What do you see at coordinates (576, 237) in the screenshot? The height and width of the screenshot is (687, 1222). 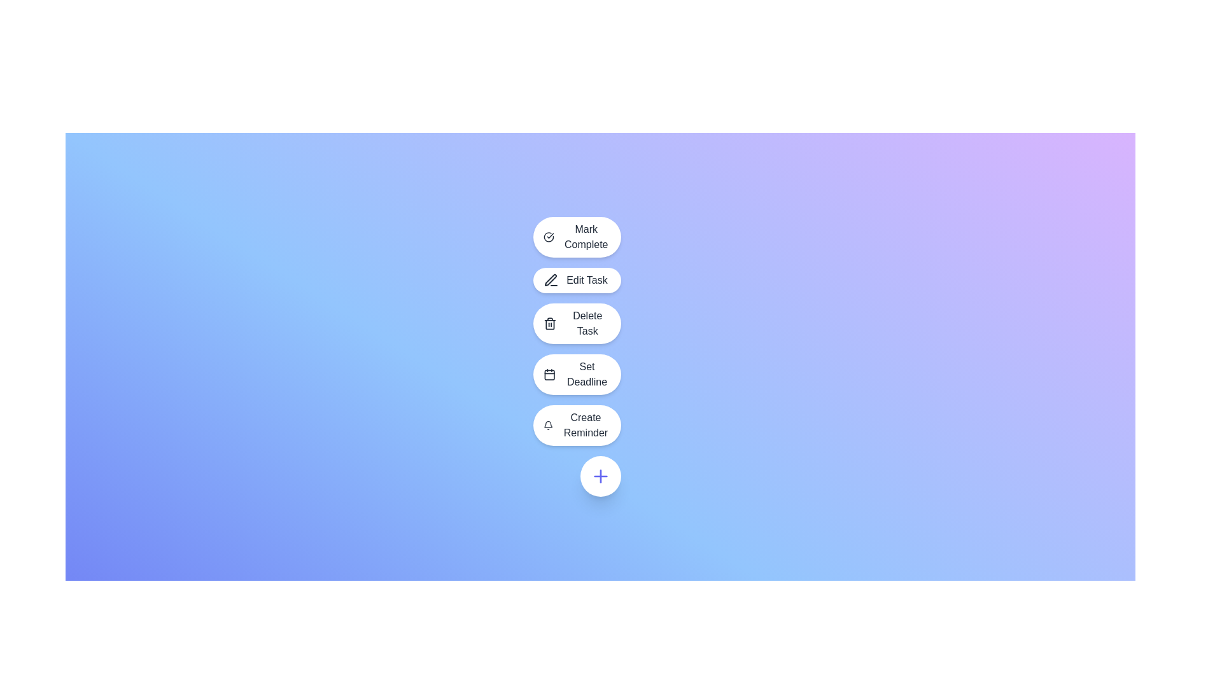 I see `the button that marks a task as completed, located at the top of the options list` at bounding box center [576, 237].